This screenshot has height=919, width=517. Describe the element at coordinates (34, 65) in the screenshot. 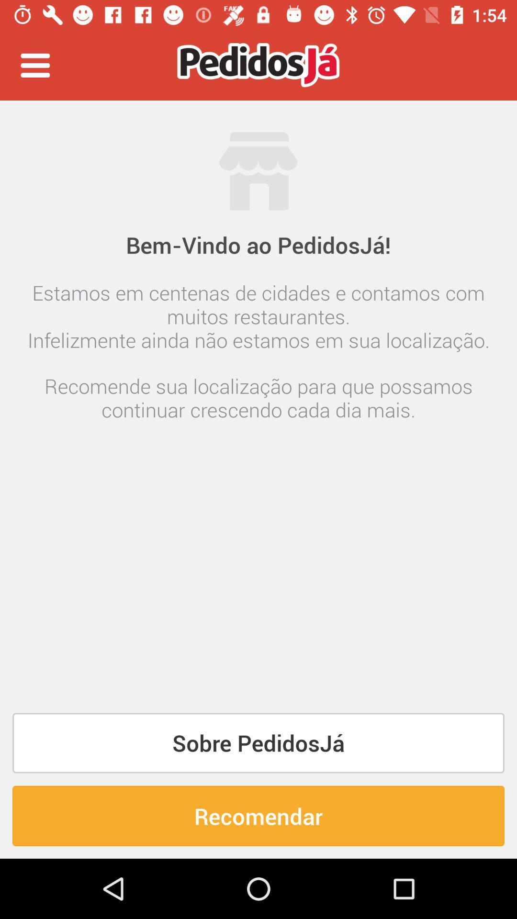

I see `menu options` at that location.